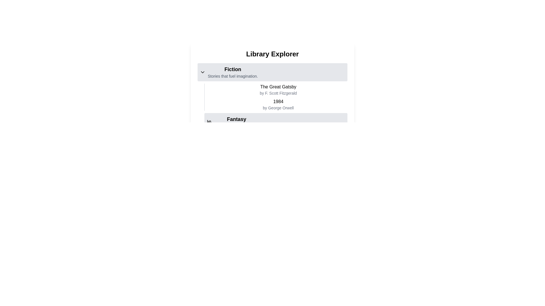 The image size is (545, 306). Describe the element at coordinates (233, 72) in the screenshot. I see `the Composite text section (heading and subtitle) that categorizes 'Fiction', positioned between the 'Library Explorer' title and the list of book titles` at that location.